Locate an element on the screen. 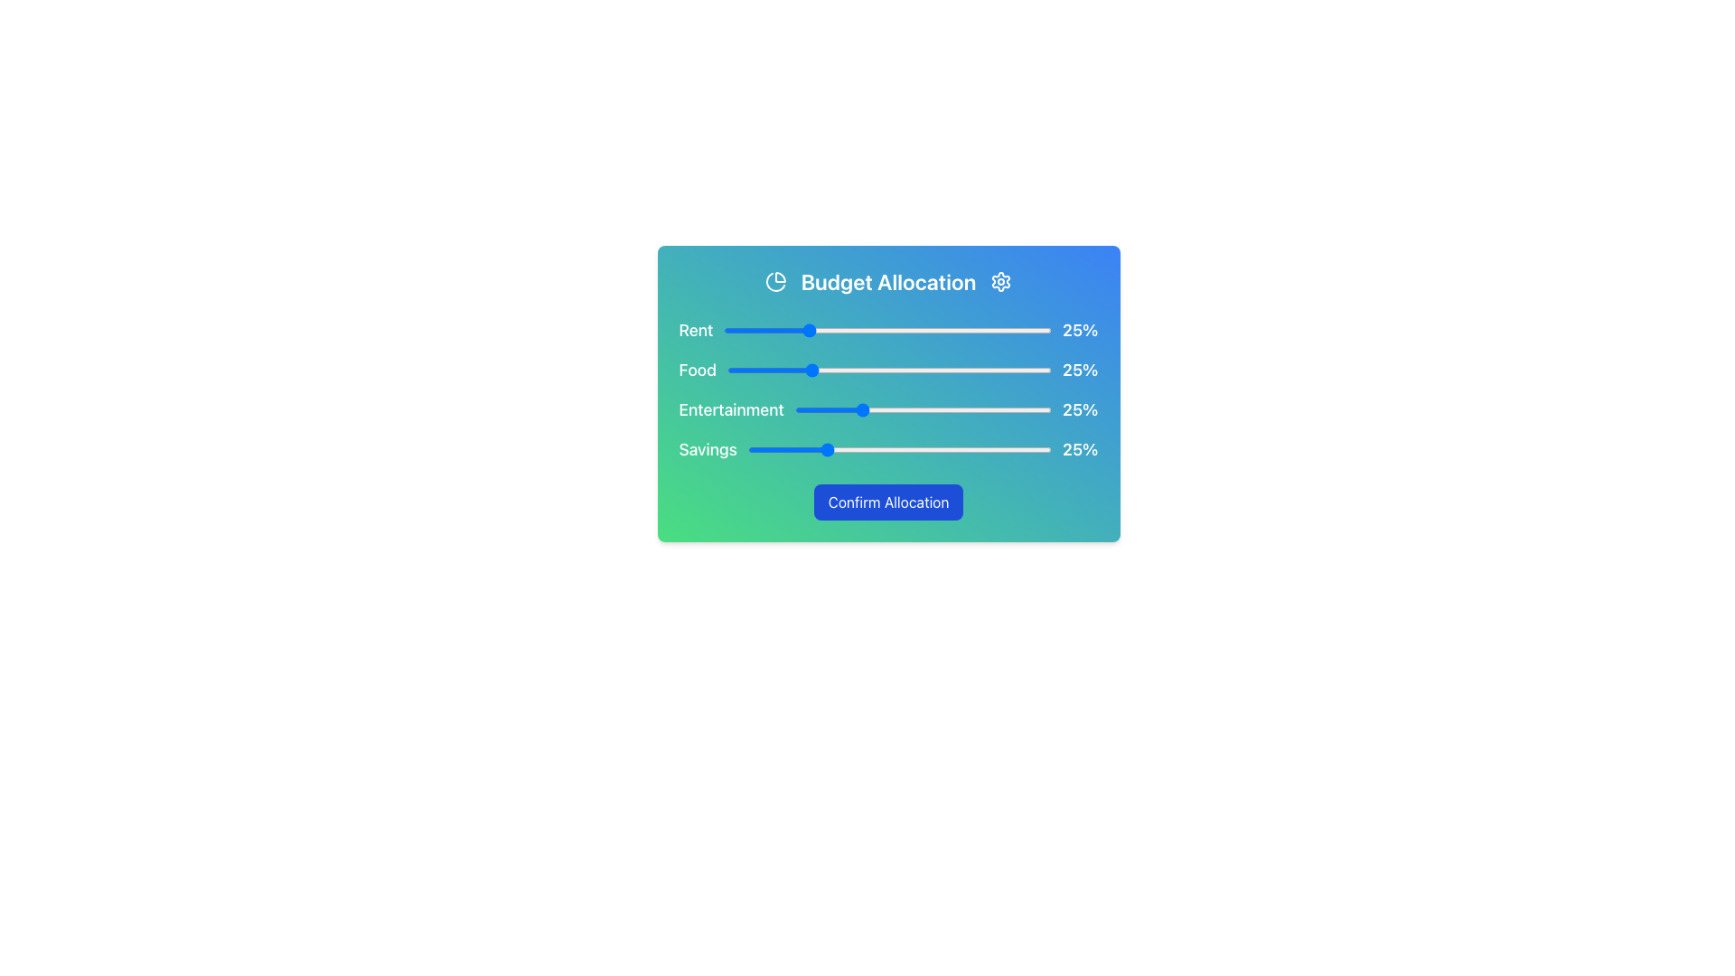 Image resolution: width=1735 pixels, height=976 pixels. the Header Section Title that displays 'Budget Allocation' with a pie chart icon on the left and a cogwheel icon on the right, styled with bold, white text on a gradient blue-green background is located at coordinates (888, 282).